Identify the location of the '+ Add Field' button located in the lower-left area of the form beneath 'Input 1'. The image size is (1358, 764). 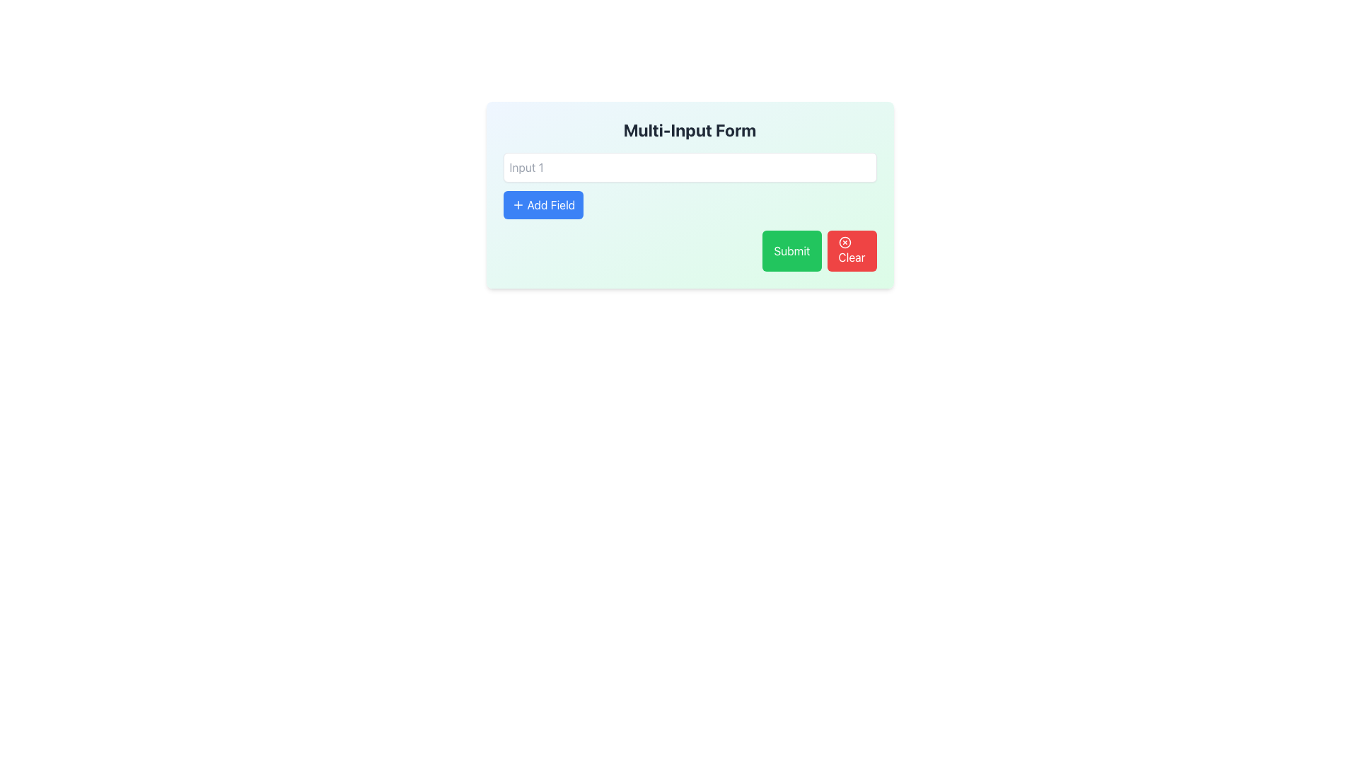
(542, 204).